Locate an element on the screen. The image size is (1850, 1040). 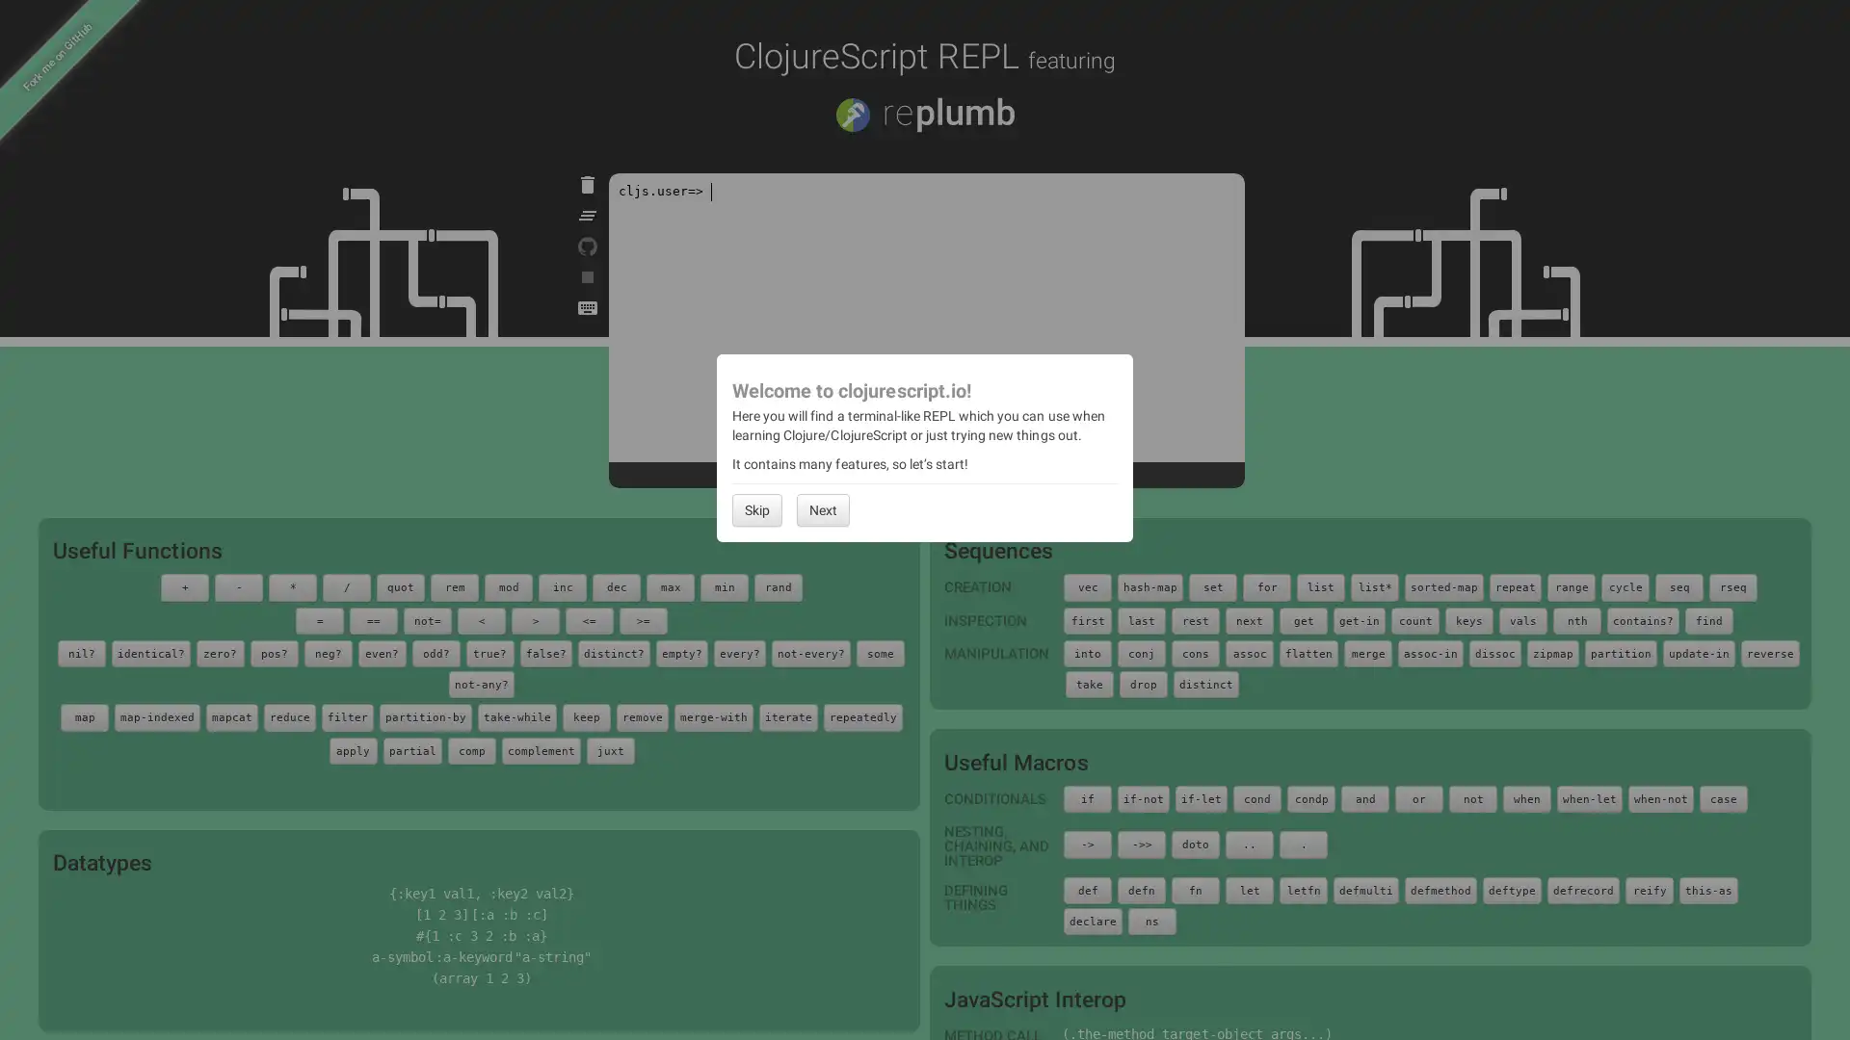
for is located at coordinates (1267, 585).